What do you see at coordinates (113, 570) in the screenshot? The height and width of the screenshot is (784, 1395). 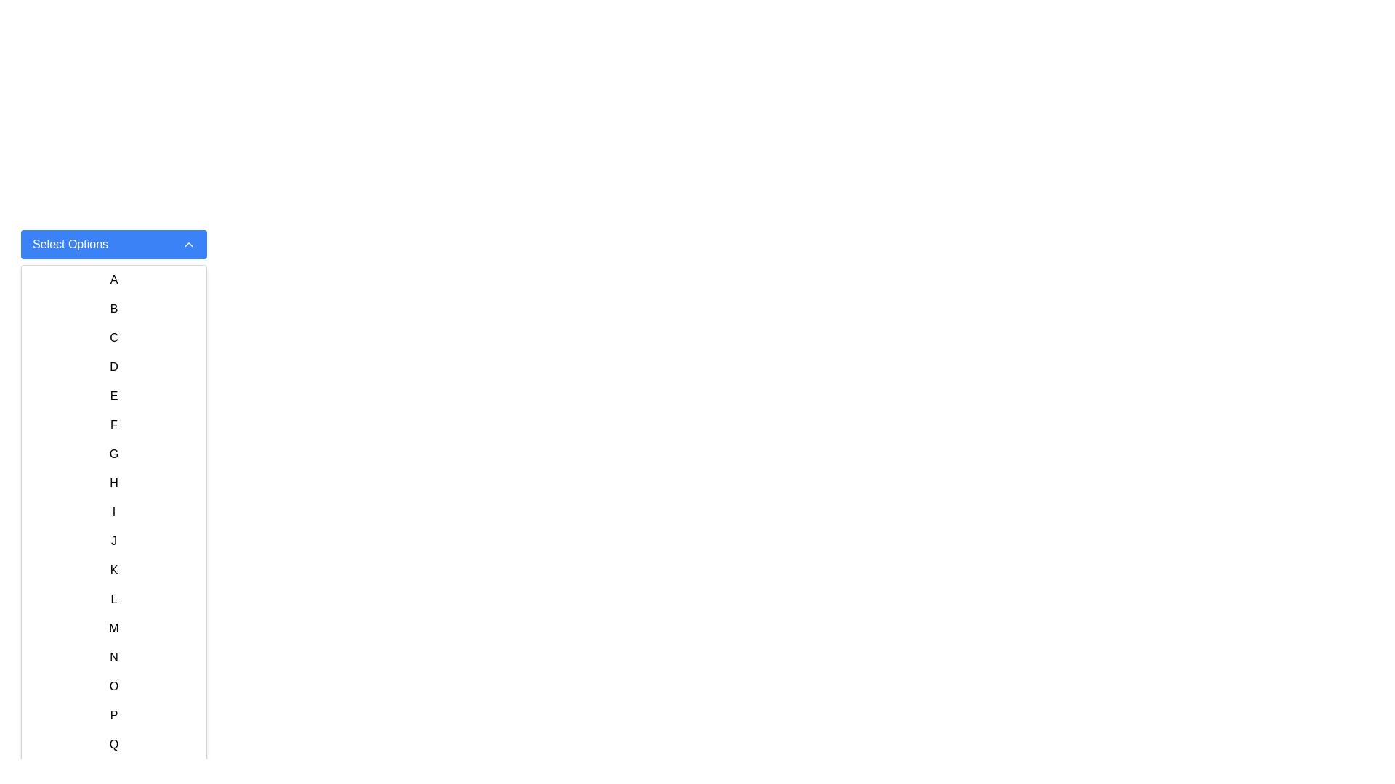 I see `the letter 'K' option in the dropdown menu, which is the 11th item in the vertical list of letters` at bounding box center [113, 570].